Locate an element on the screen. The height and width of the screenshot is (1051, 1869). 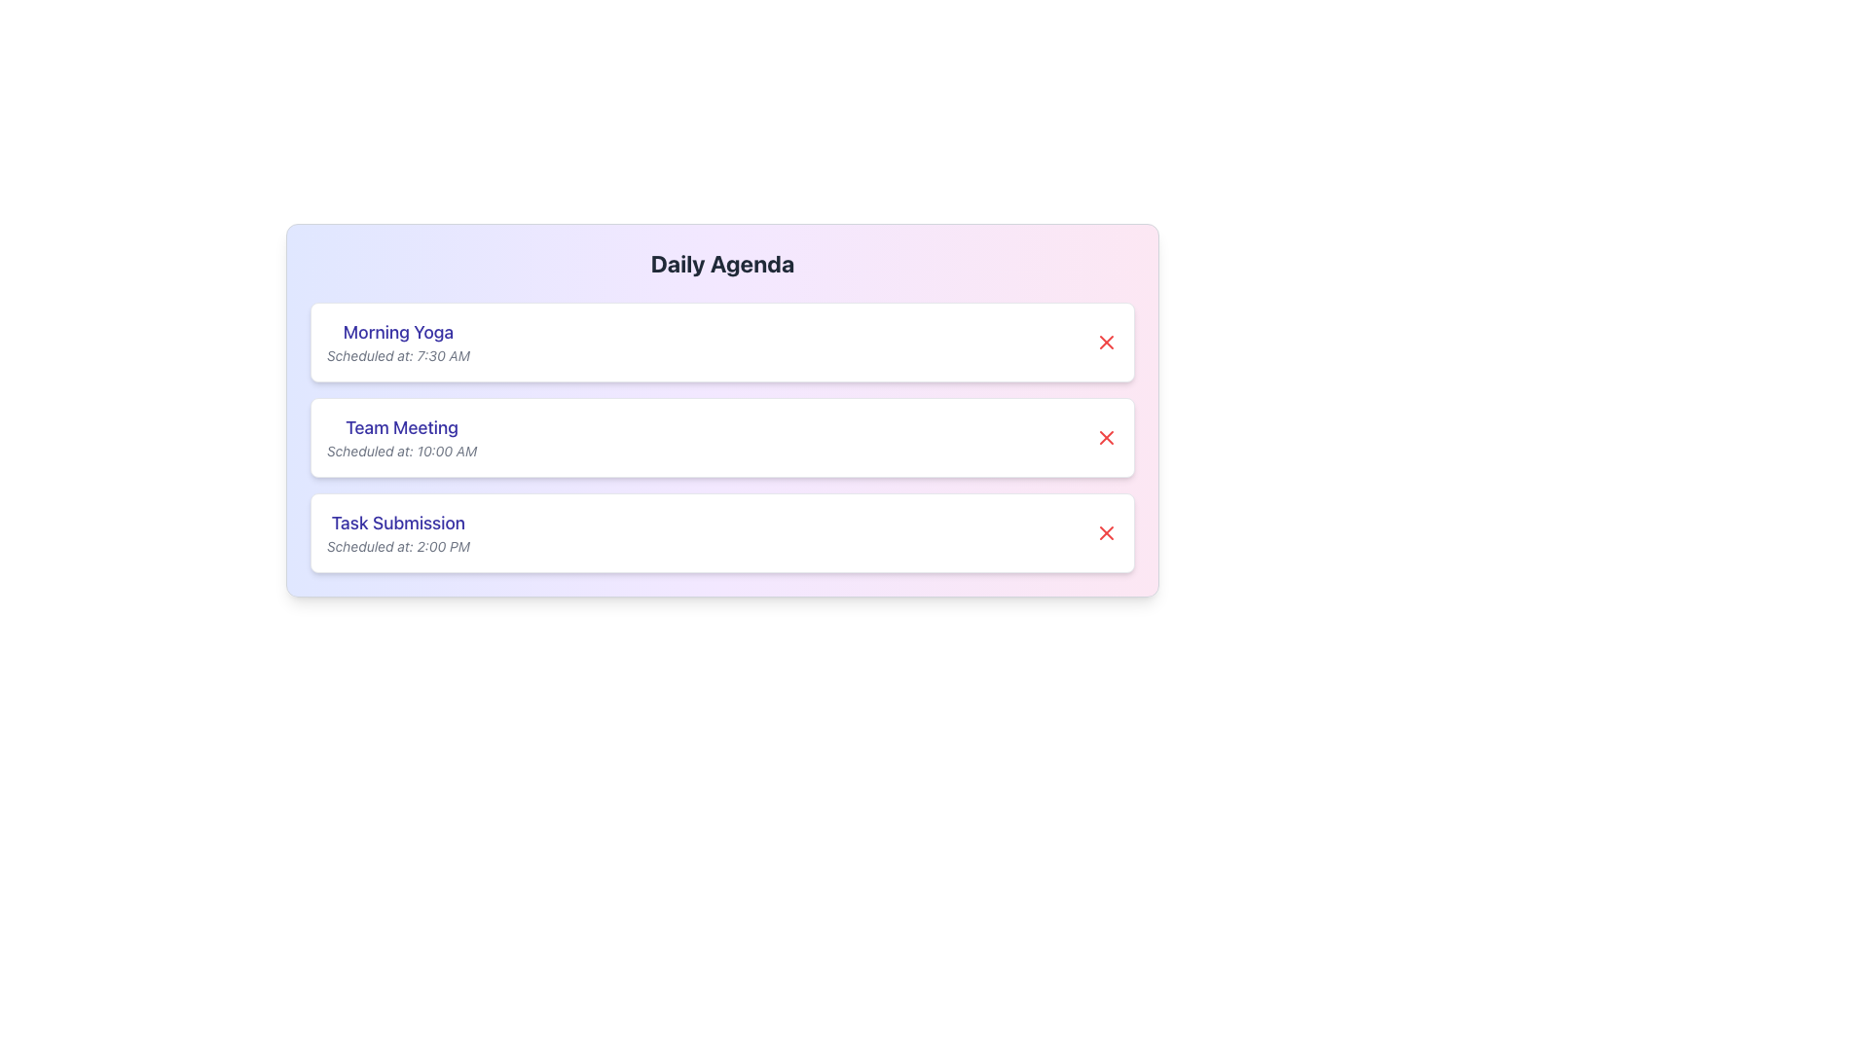
the second red X icon to the right of the 'Team Meeting' item in the Daily Agenda list is located at coordinates (1107, 438).